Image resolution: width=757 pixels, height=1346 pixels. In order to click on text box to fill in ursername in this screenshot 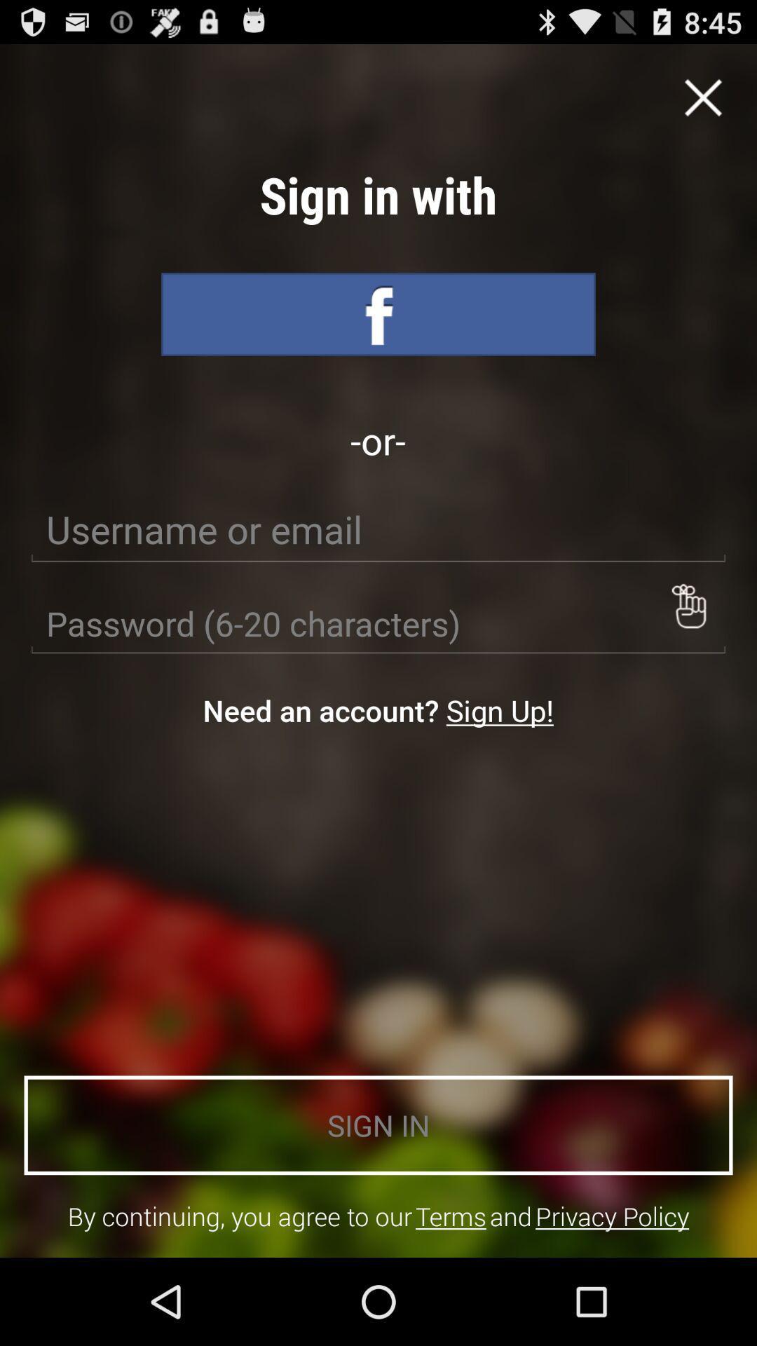, I will do `click(378, 529)`.